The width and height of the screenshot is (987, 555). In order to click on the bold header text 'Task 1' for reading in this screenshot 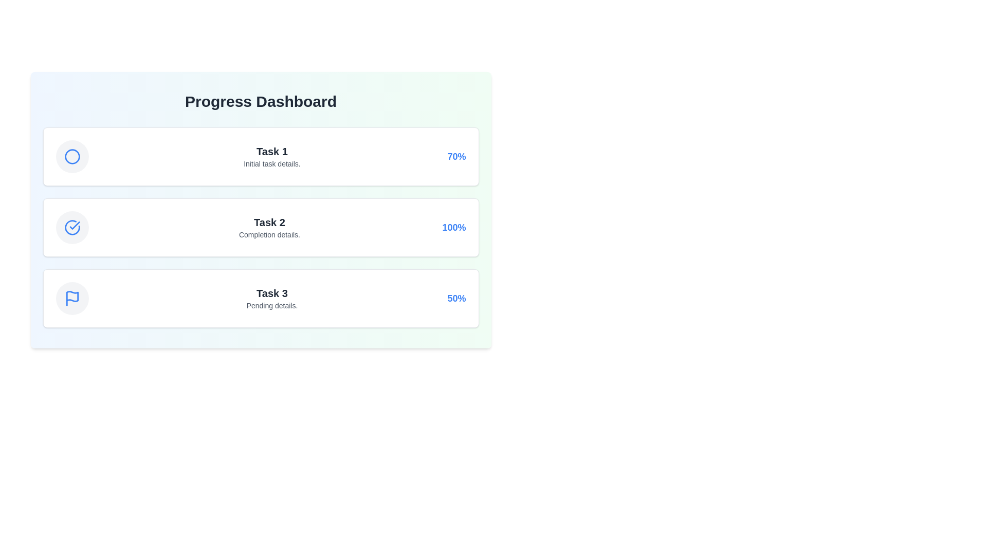, I will do `click(272, 151)`.